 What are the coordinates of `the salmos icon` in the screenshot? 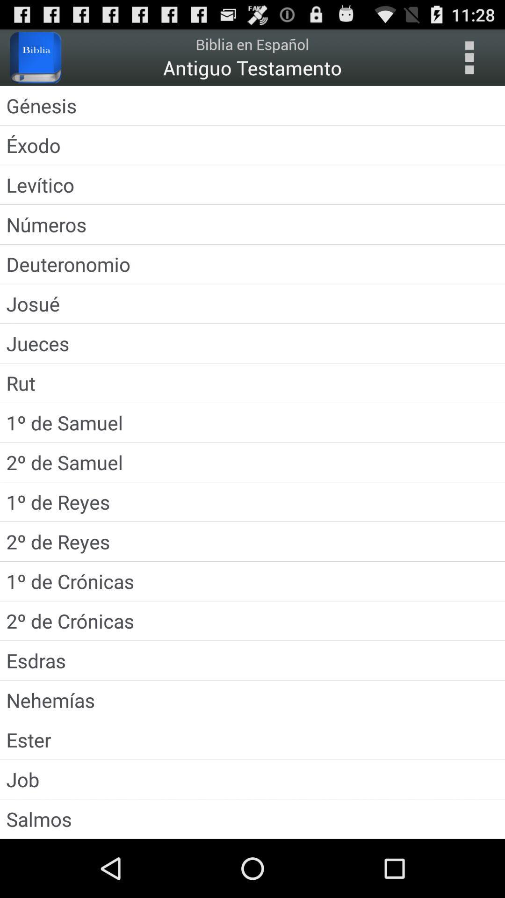 It's located at (252, 818).